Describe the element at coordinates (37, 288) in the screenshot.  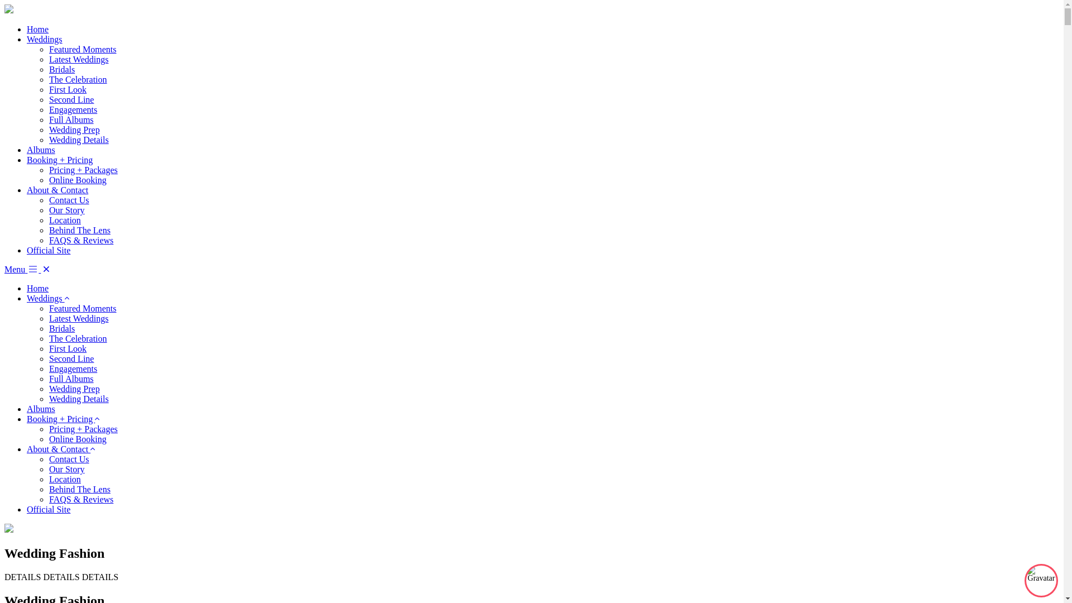
I see `'Home'` at that location.